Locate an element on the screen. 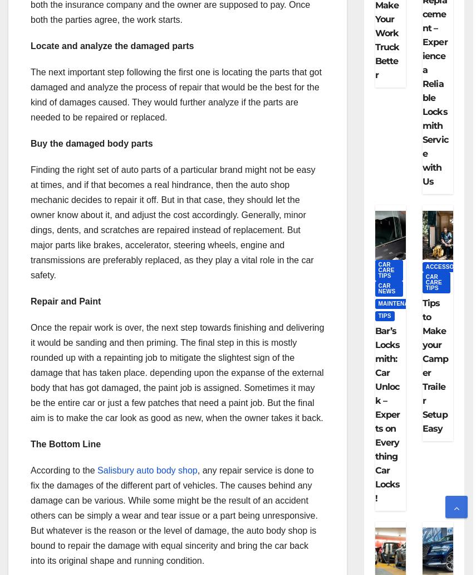 Image resolution: width=476 pixels, height=575 pixels. 'Car News' is located at coordinates (386, 288).